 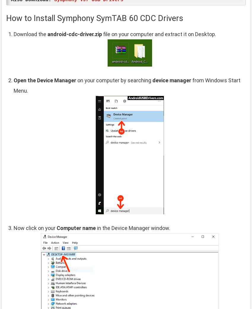 What do you see at coordinates (13, 34) in the screenshot?
I see `'Download the'` at bounding box center [13, 34].